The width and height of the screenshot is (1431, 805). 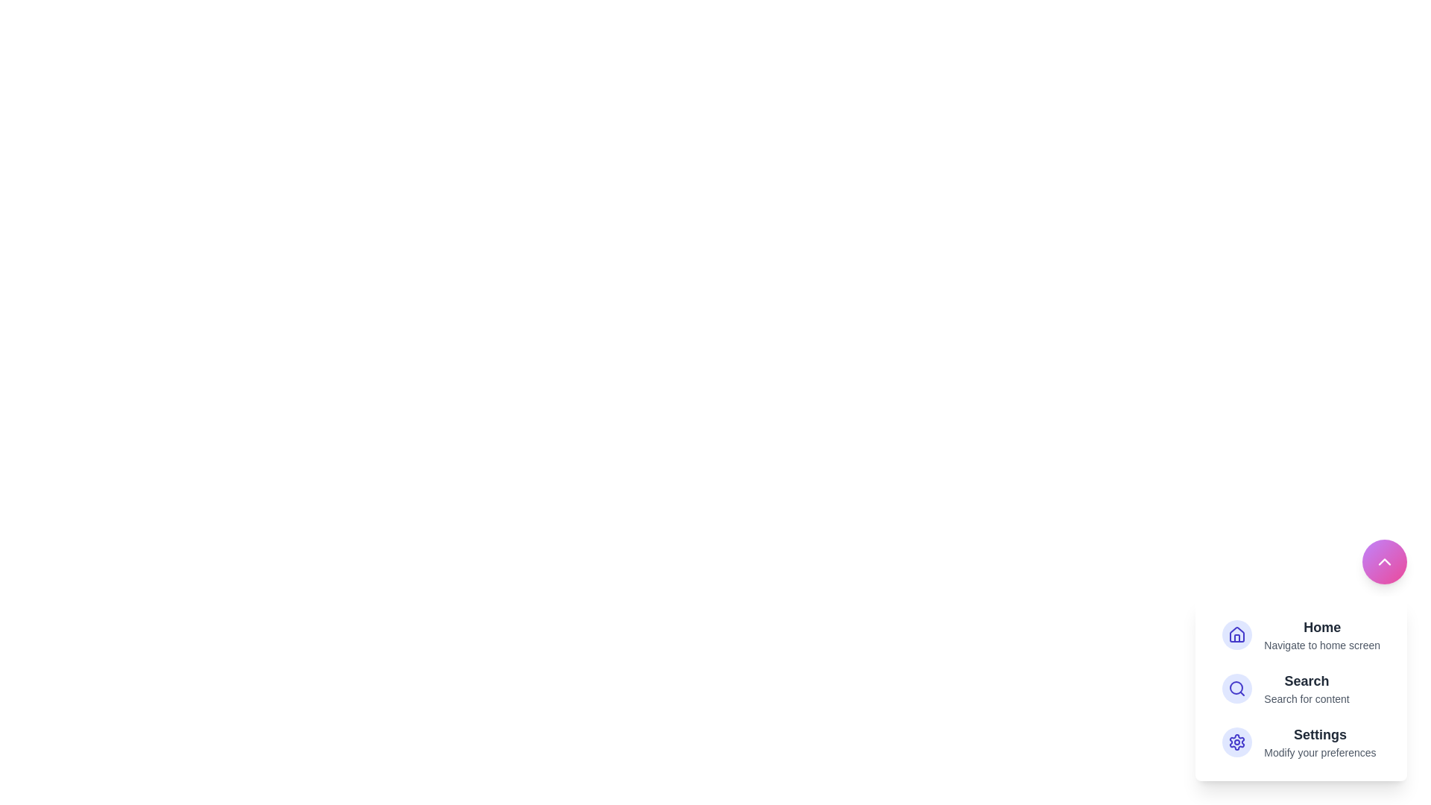 What do you see at coordinates (1320, 742) in the screenshot?
I see `the 'Settings' option in the menu` at bounding box center [1320, 742].